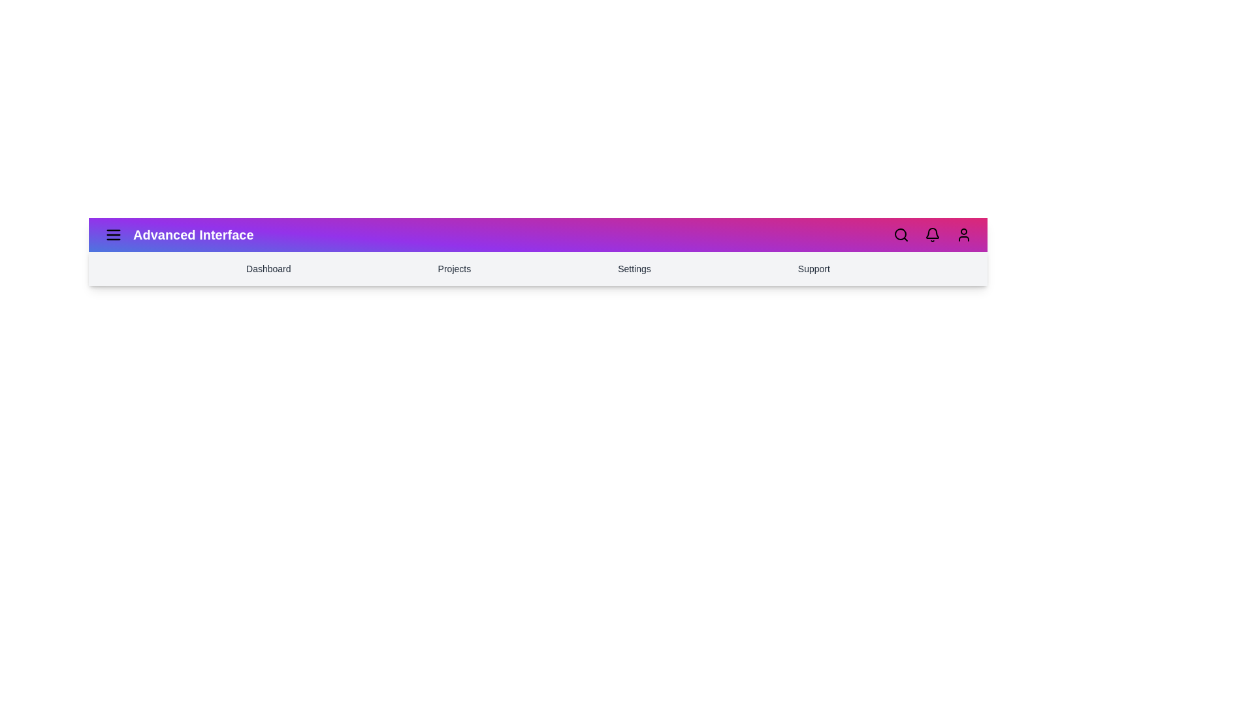  I want to click on the menu item Settings to navigate to the respective section, so click(634, 268).